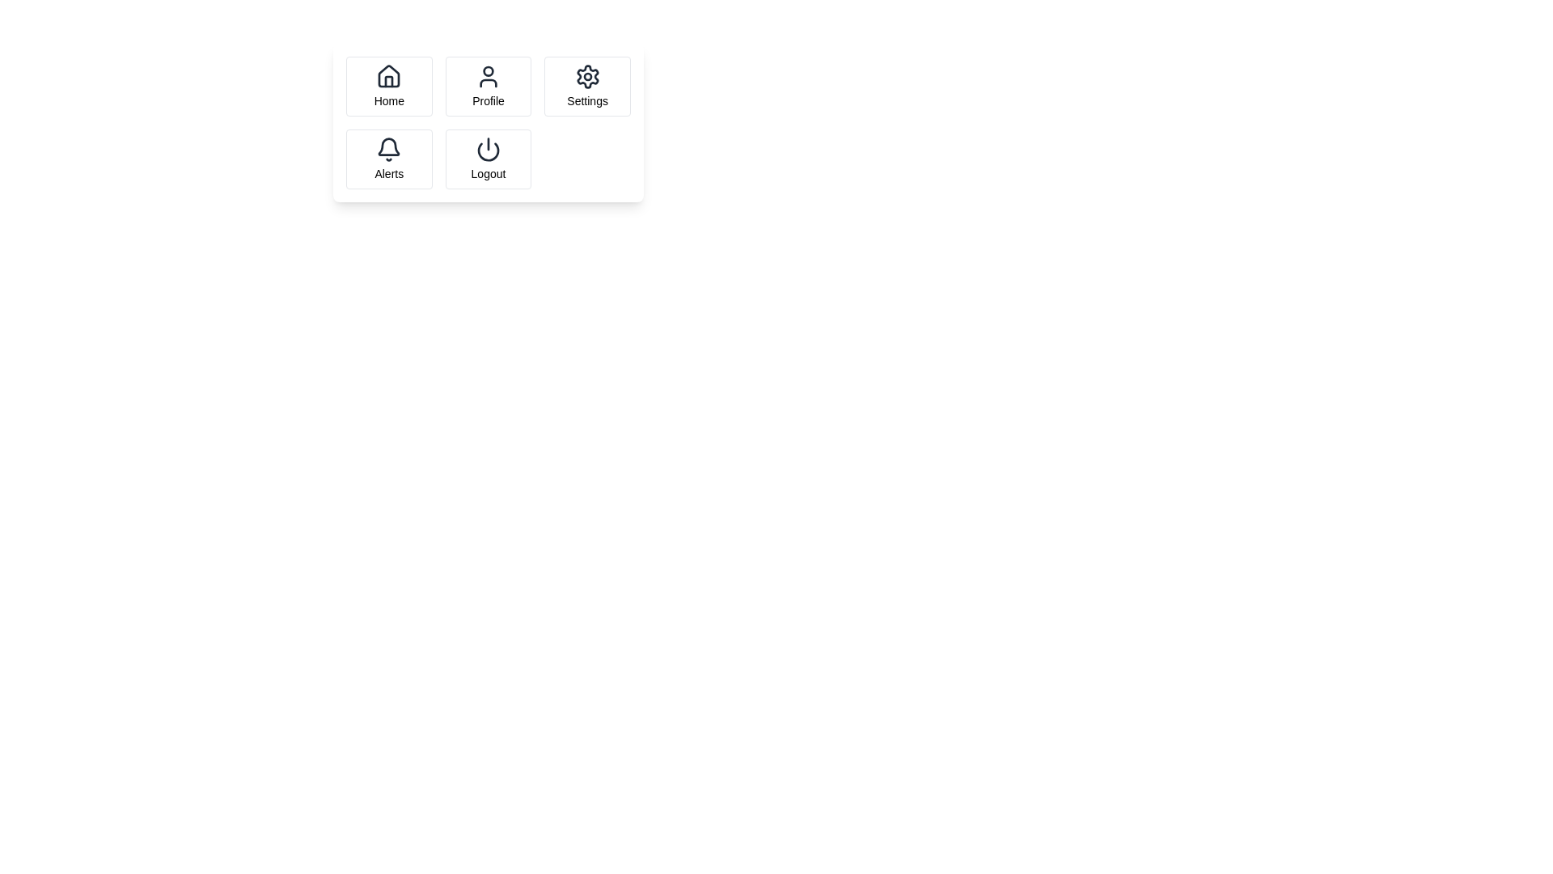 The height and width of the screenshot is (874, 1553). I want to click on the 'Home' text label, which is a small font styled label located below a house icon and aligned with 'Profile' and 'Settings' buttons, so click(389, 100).